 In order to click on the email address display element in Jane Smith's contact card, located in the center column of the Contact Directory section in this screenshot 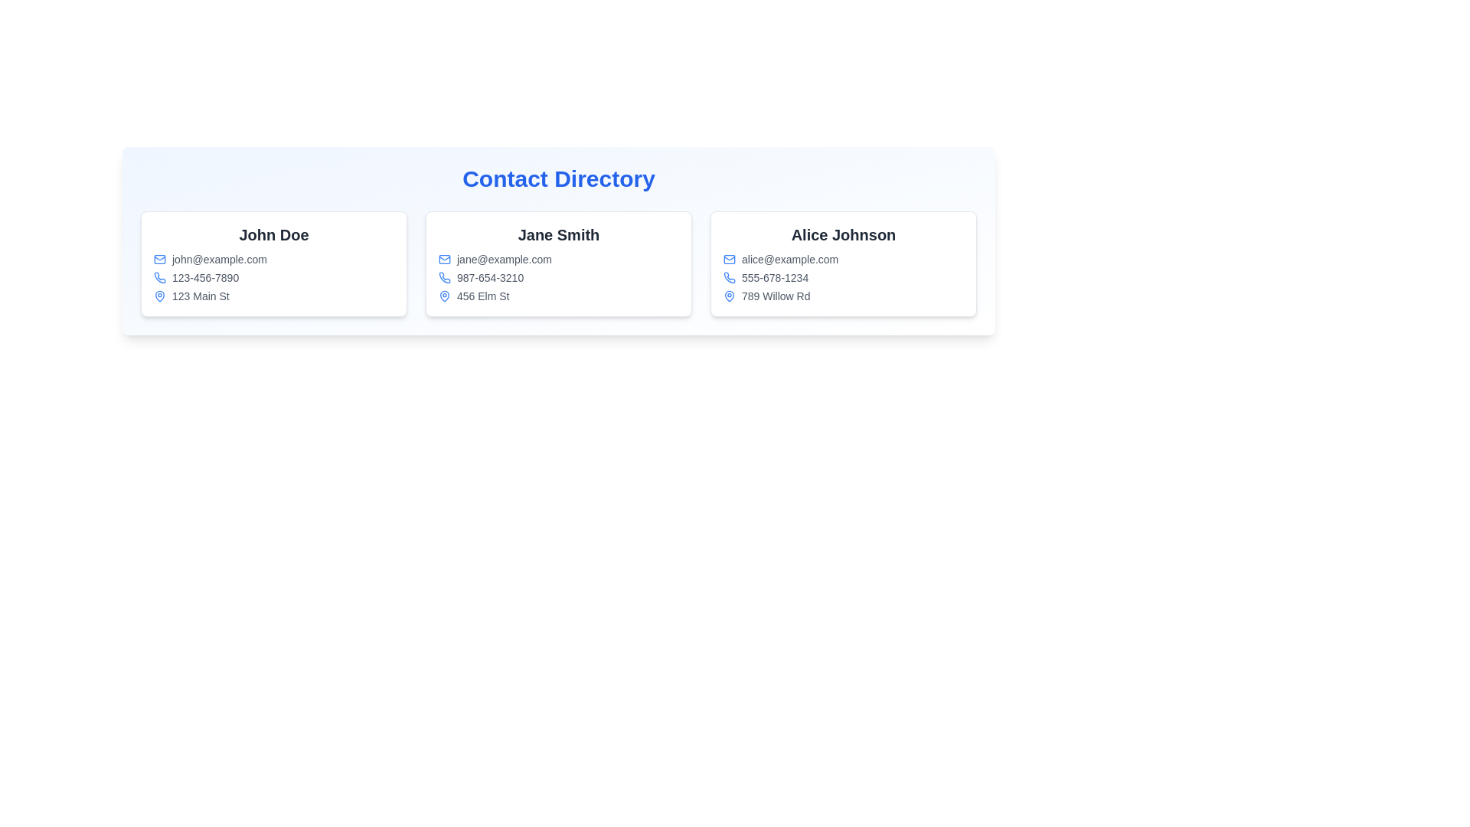, I will do `click(557, 259)`.